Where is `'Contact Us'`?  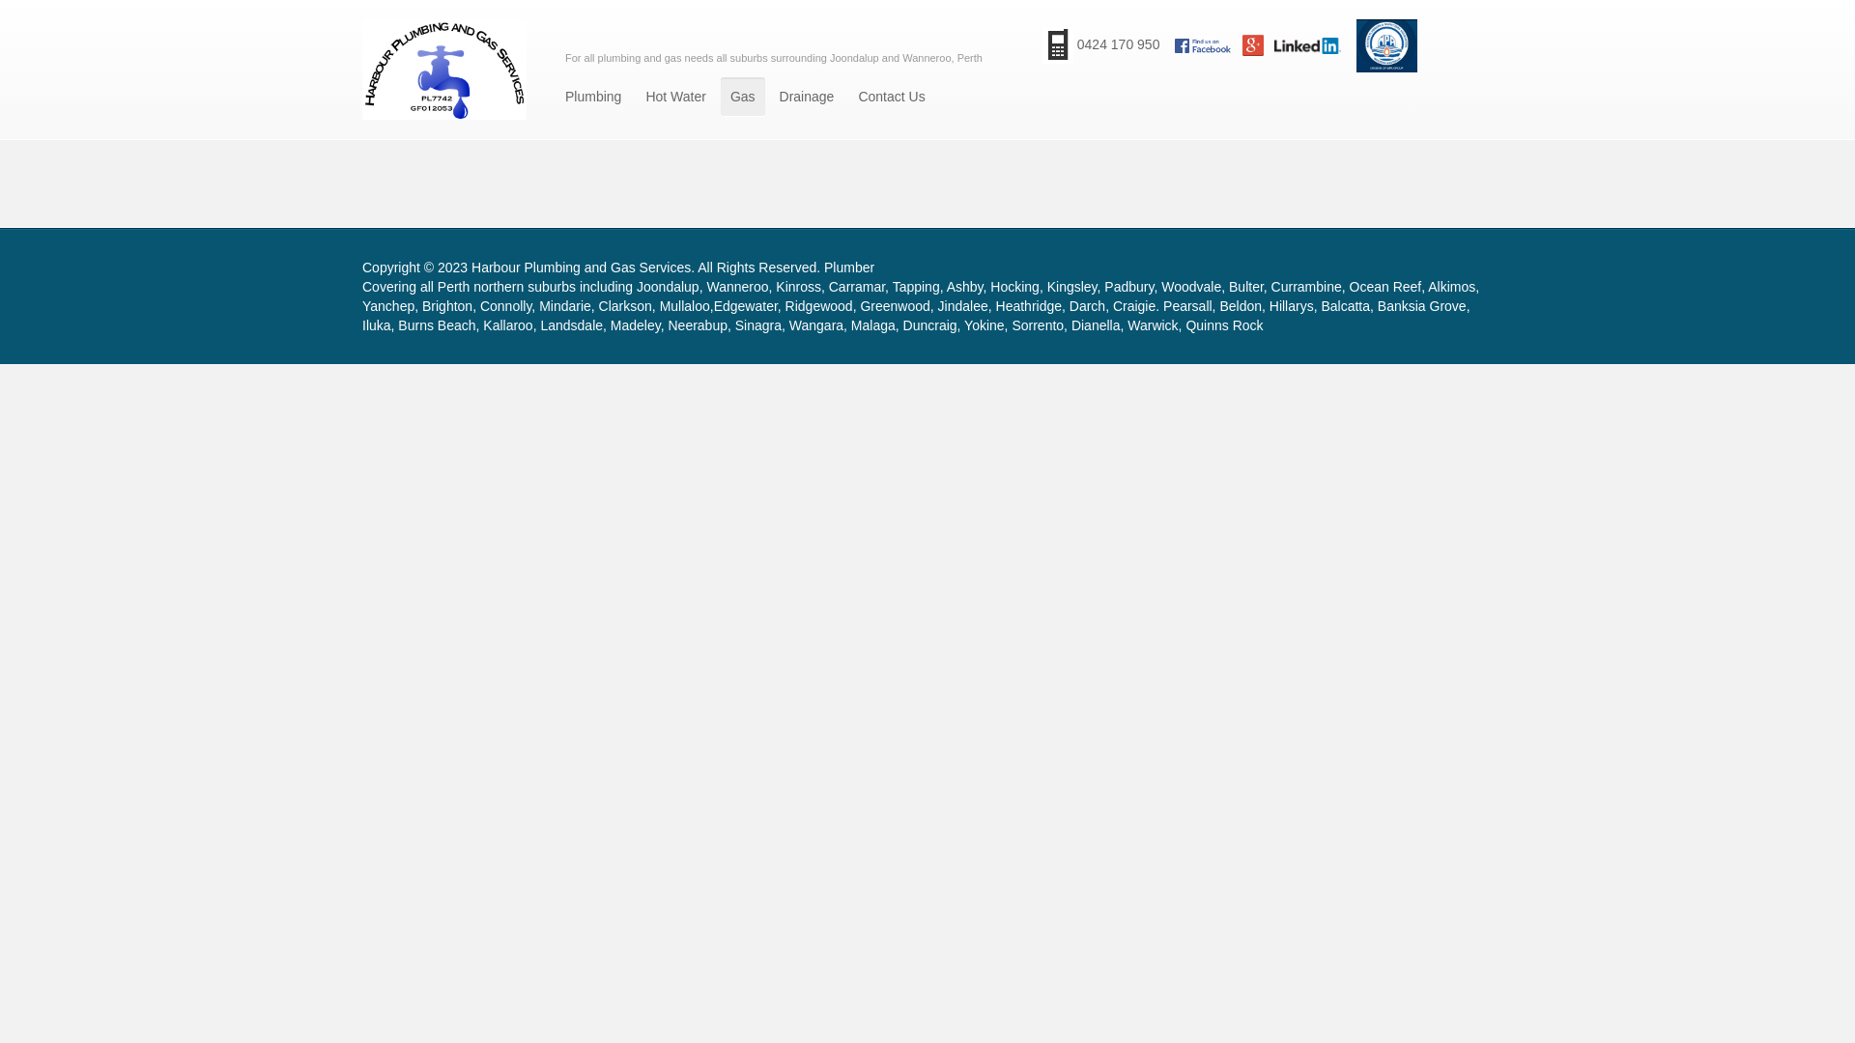 'Contact Us' is located at coordinates (848, 97).